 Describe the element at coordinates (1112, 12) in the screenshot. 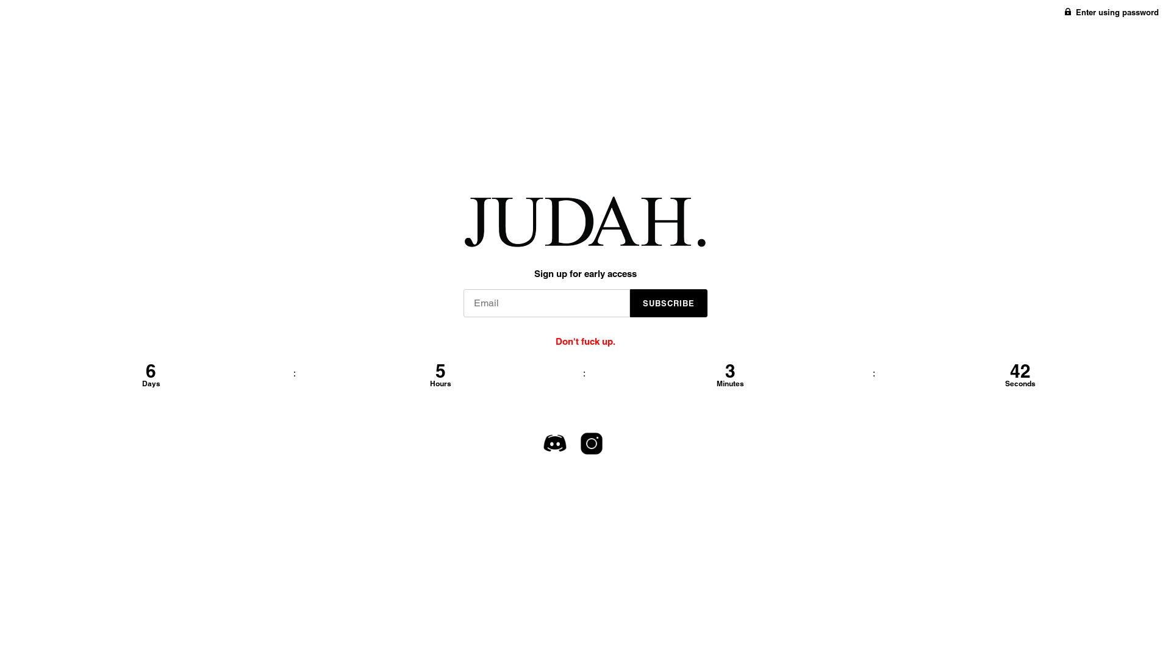

I see `'Enter using password'` at that location.